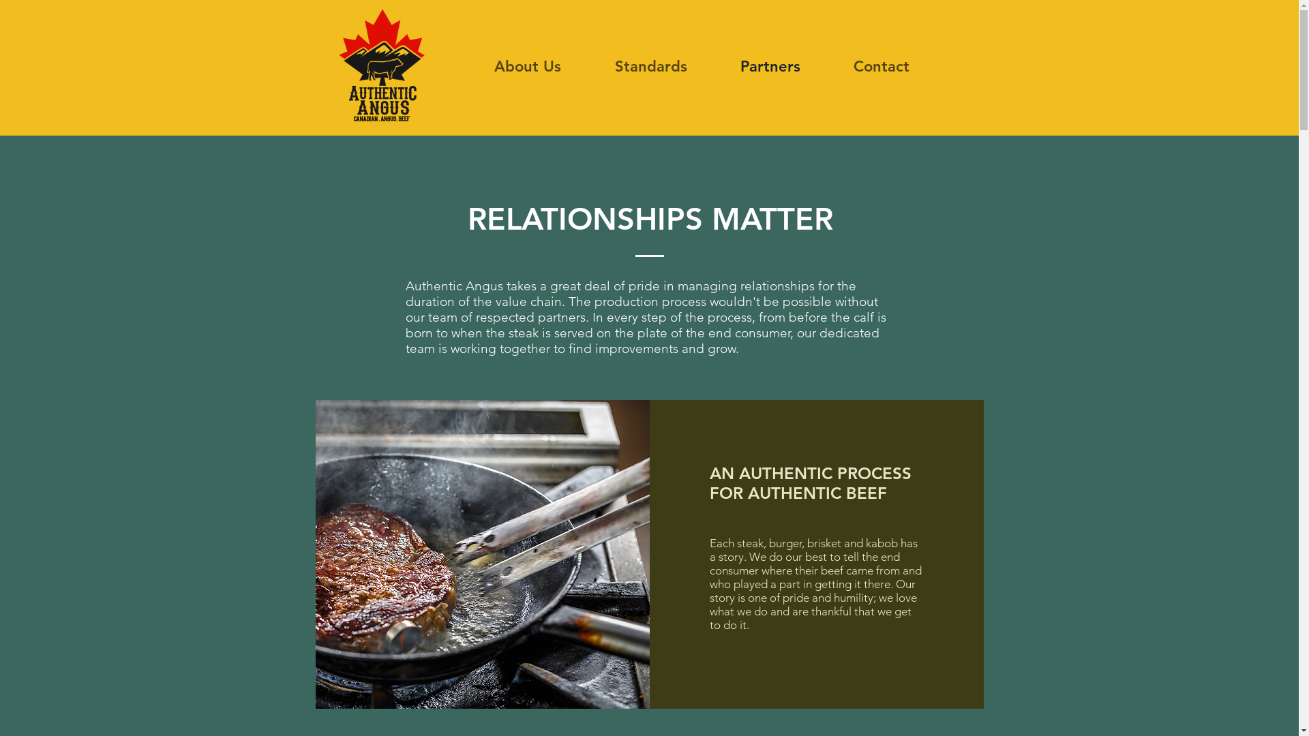  Describe the element at coordinates (650, 66) in the screenshot. I see `'Standards'` at that location.